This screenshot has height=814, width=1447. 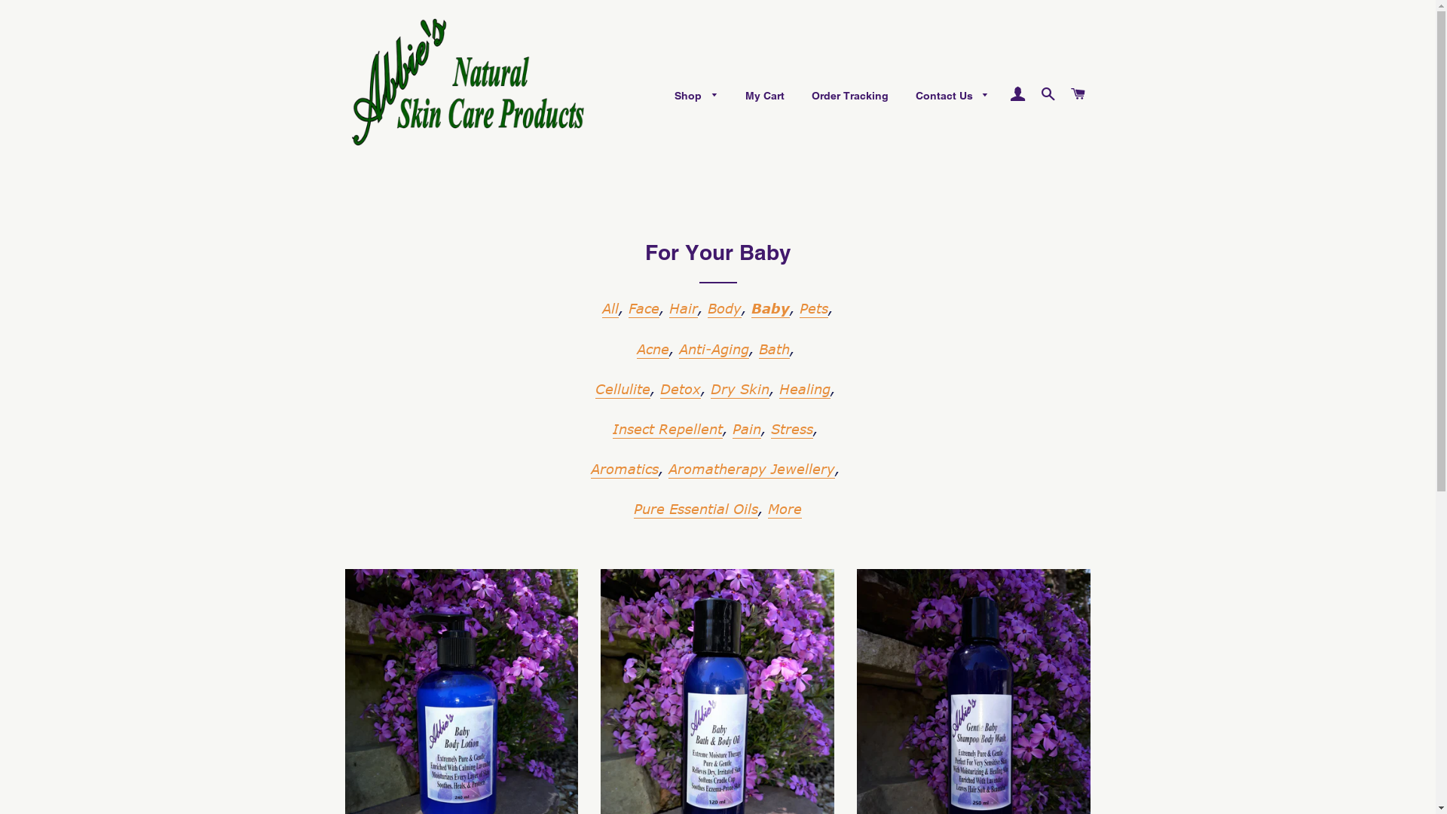 What do you see at coordinates (773, 349) in the screenshot?
I see `'Bath'` at bounding box center [773, 349].